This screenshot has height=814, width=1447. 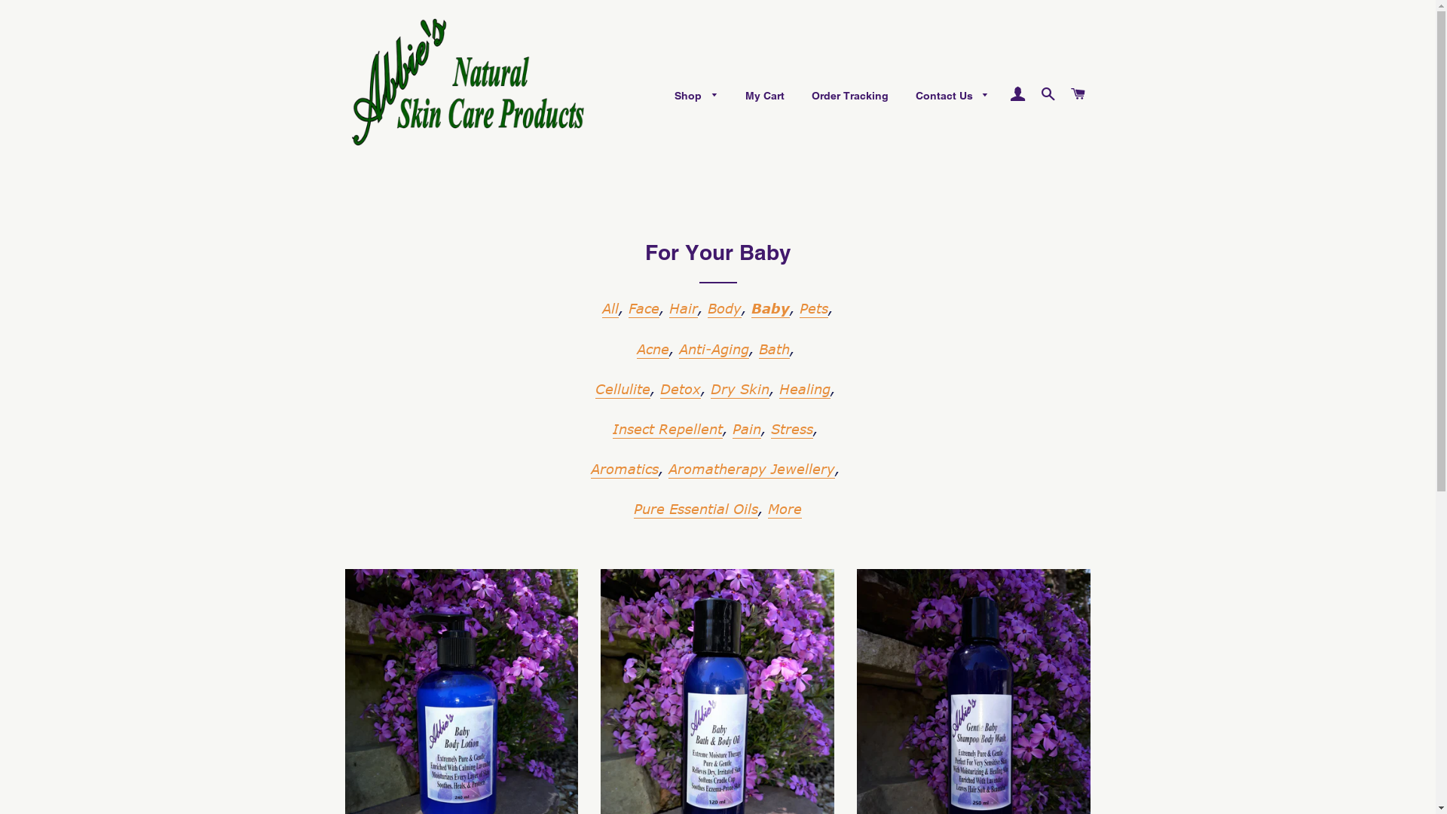 What do you see at coordinates (773, 349) in the screenshot?
I see `'Bath'` at bounding box center [773, 349].